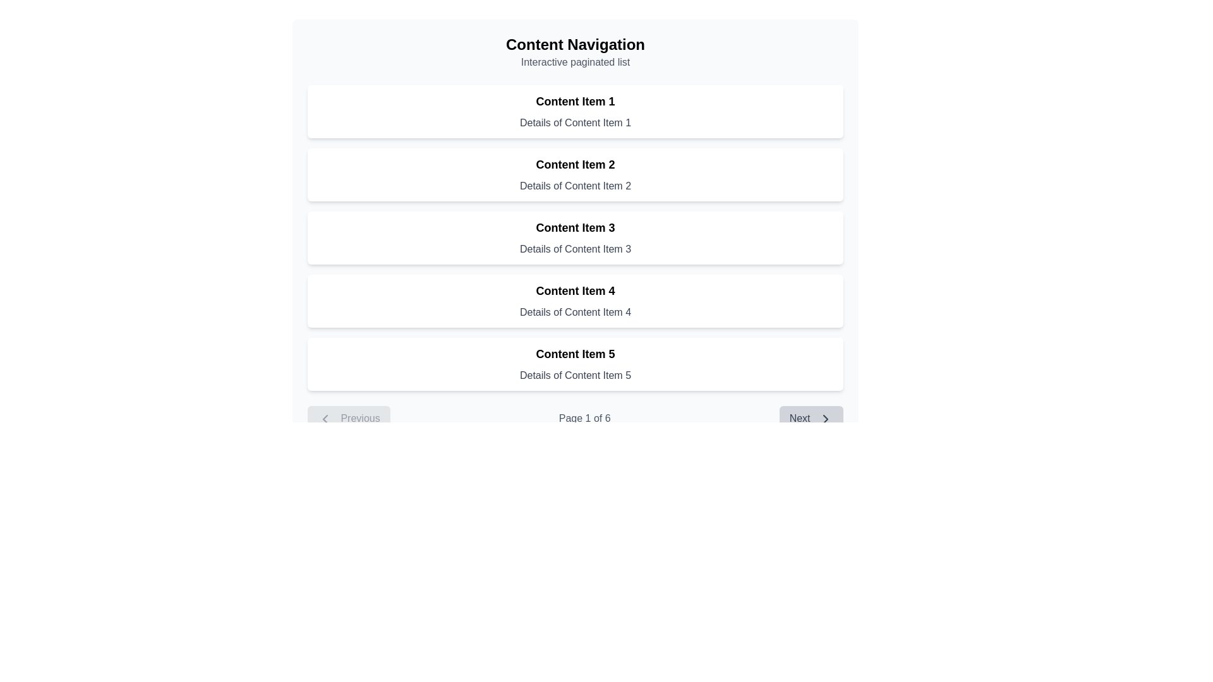 This screenshot has height=682, width=1213. I want to click on the text label that reads 'Details of Content Item 4', which is styled in gray and positioned below the title 'Content Item 4' within a white card-like structure, so click(575, 312).